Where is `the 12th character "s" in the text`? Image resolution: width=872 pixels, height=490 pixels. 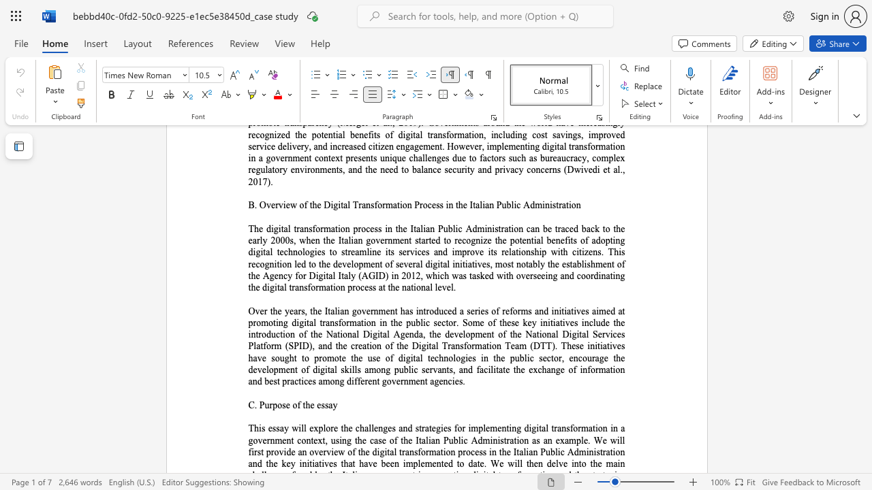
the 12th character "s" in the text is located at coordinates (462, 345).